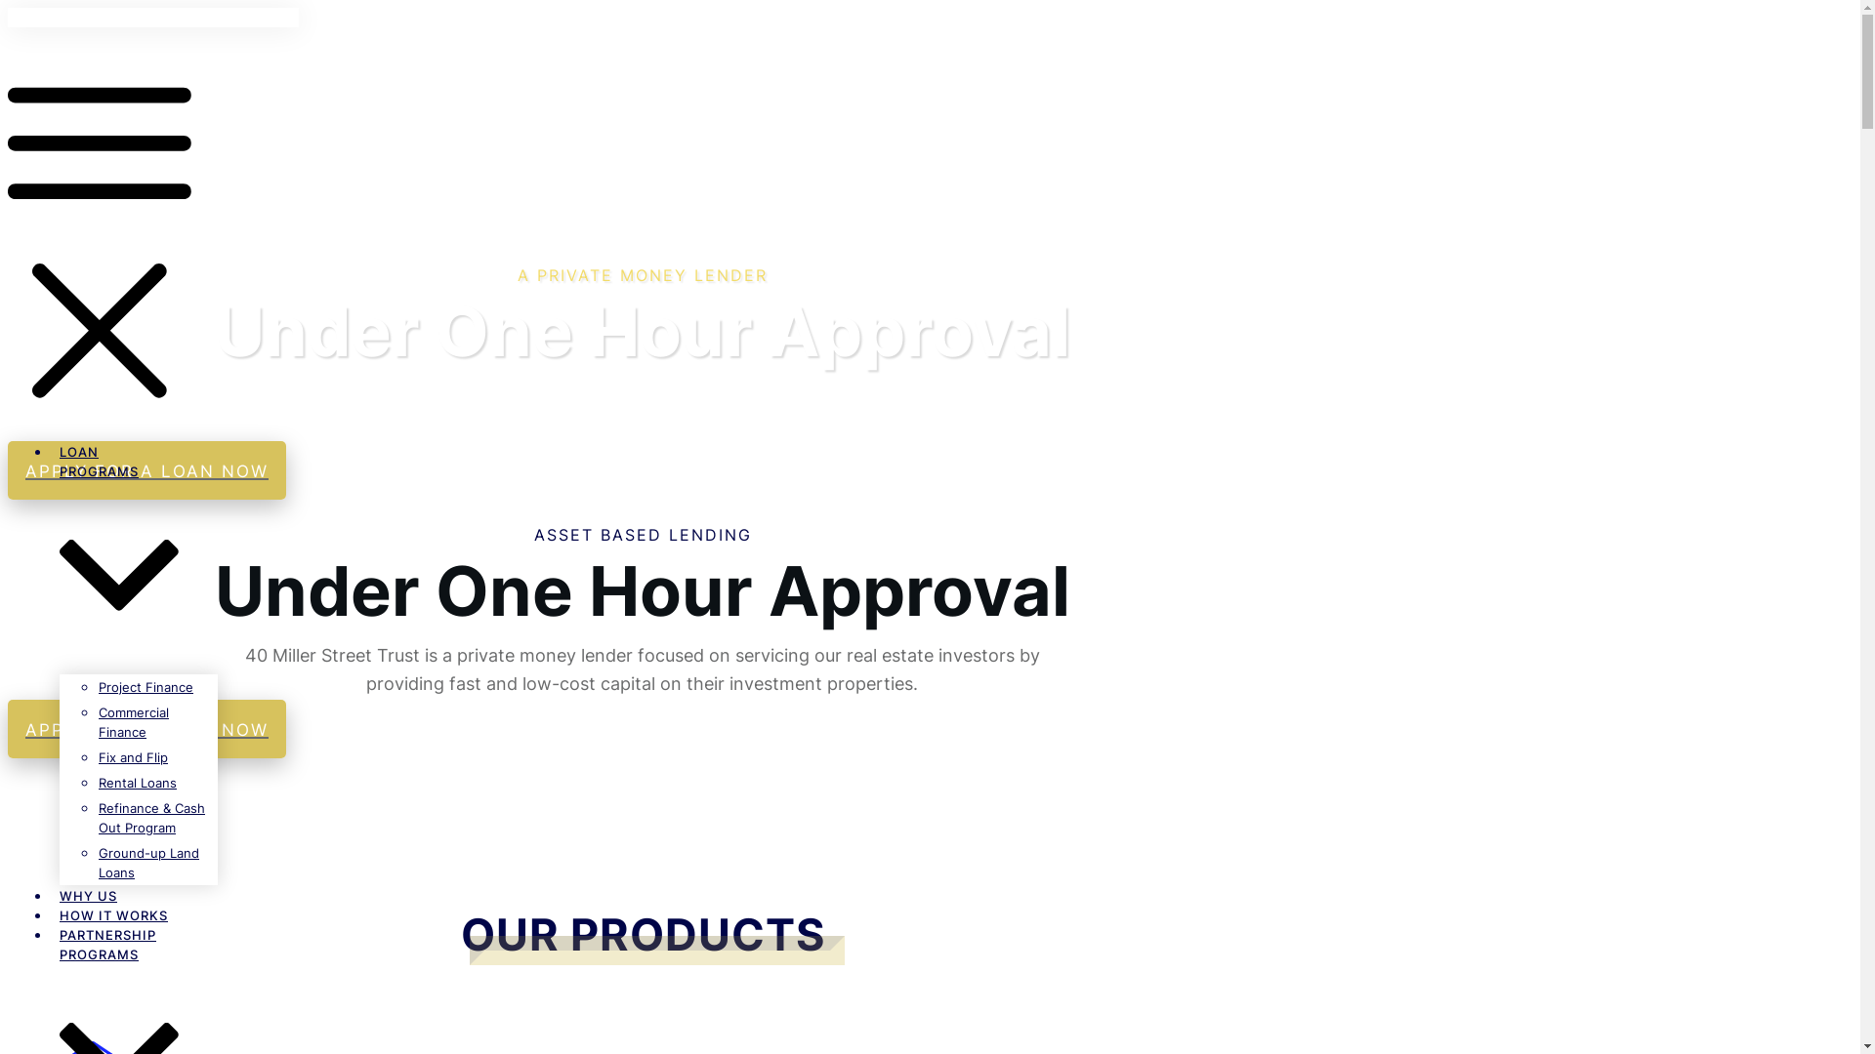 The image size is (1875, 1054). Describe the element at coordinates (133, 722) in the screenshot. I see `'Commercial Finance'` at that location.